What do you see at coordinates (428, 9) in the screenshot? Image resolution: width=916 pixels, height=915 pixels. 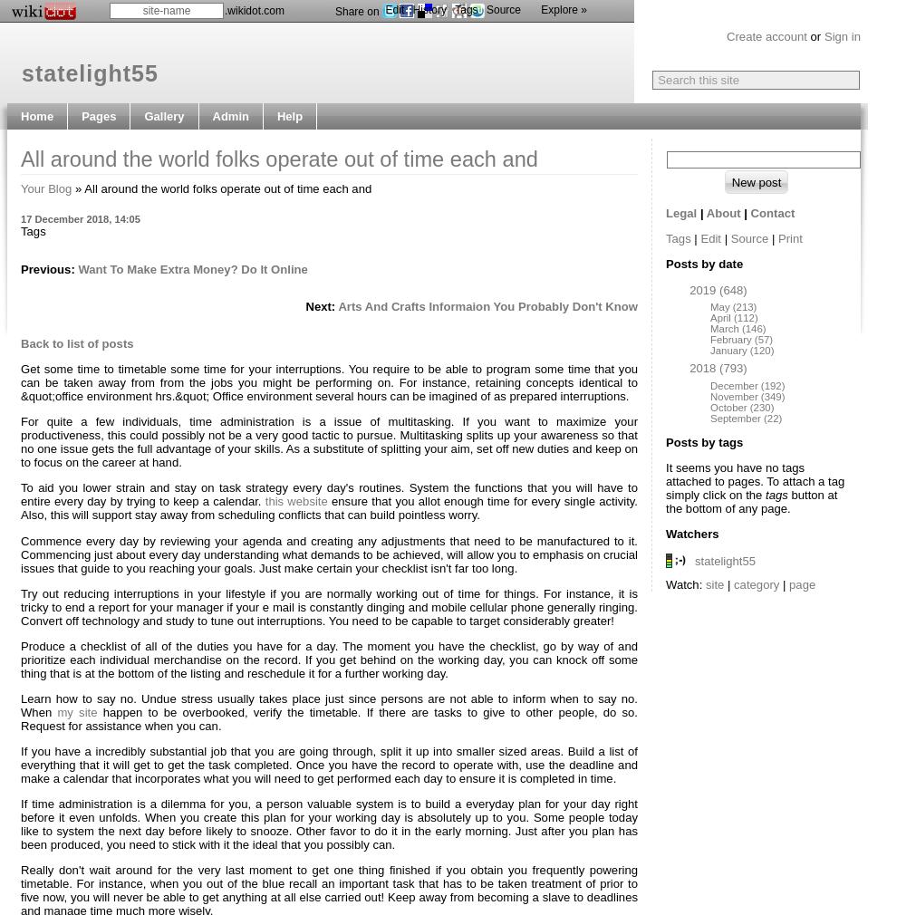 I see `'History'` at bounding box center [428, 9].